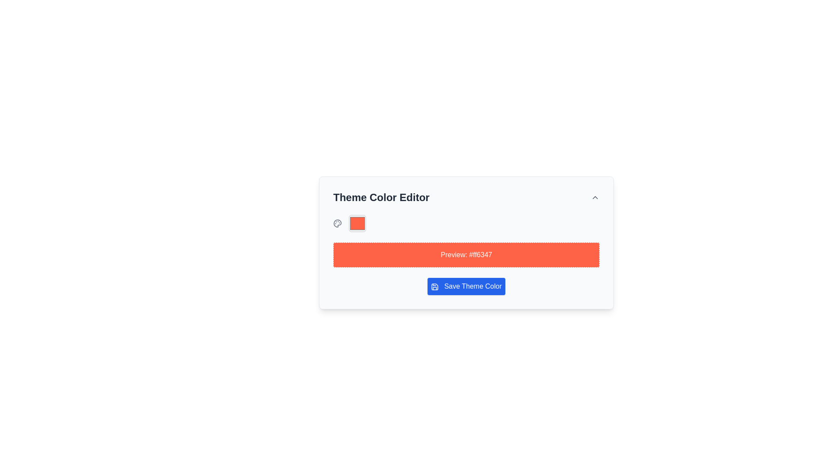 The width and height of the screenshot is (830, 466). What do you see at coordinates (357, 223) in the screenshot?
I see `the Color Picker element in the Theme Color Editor section` at bounding box center [357, 223].